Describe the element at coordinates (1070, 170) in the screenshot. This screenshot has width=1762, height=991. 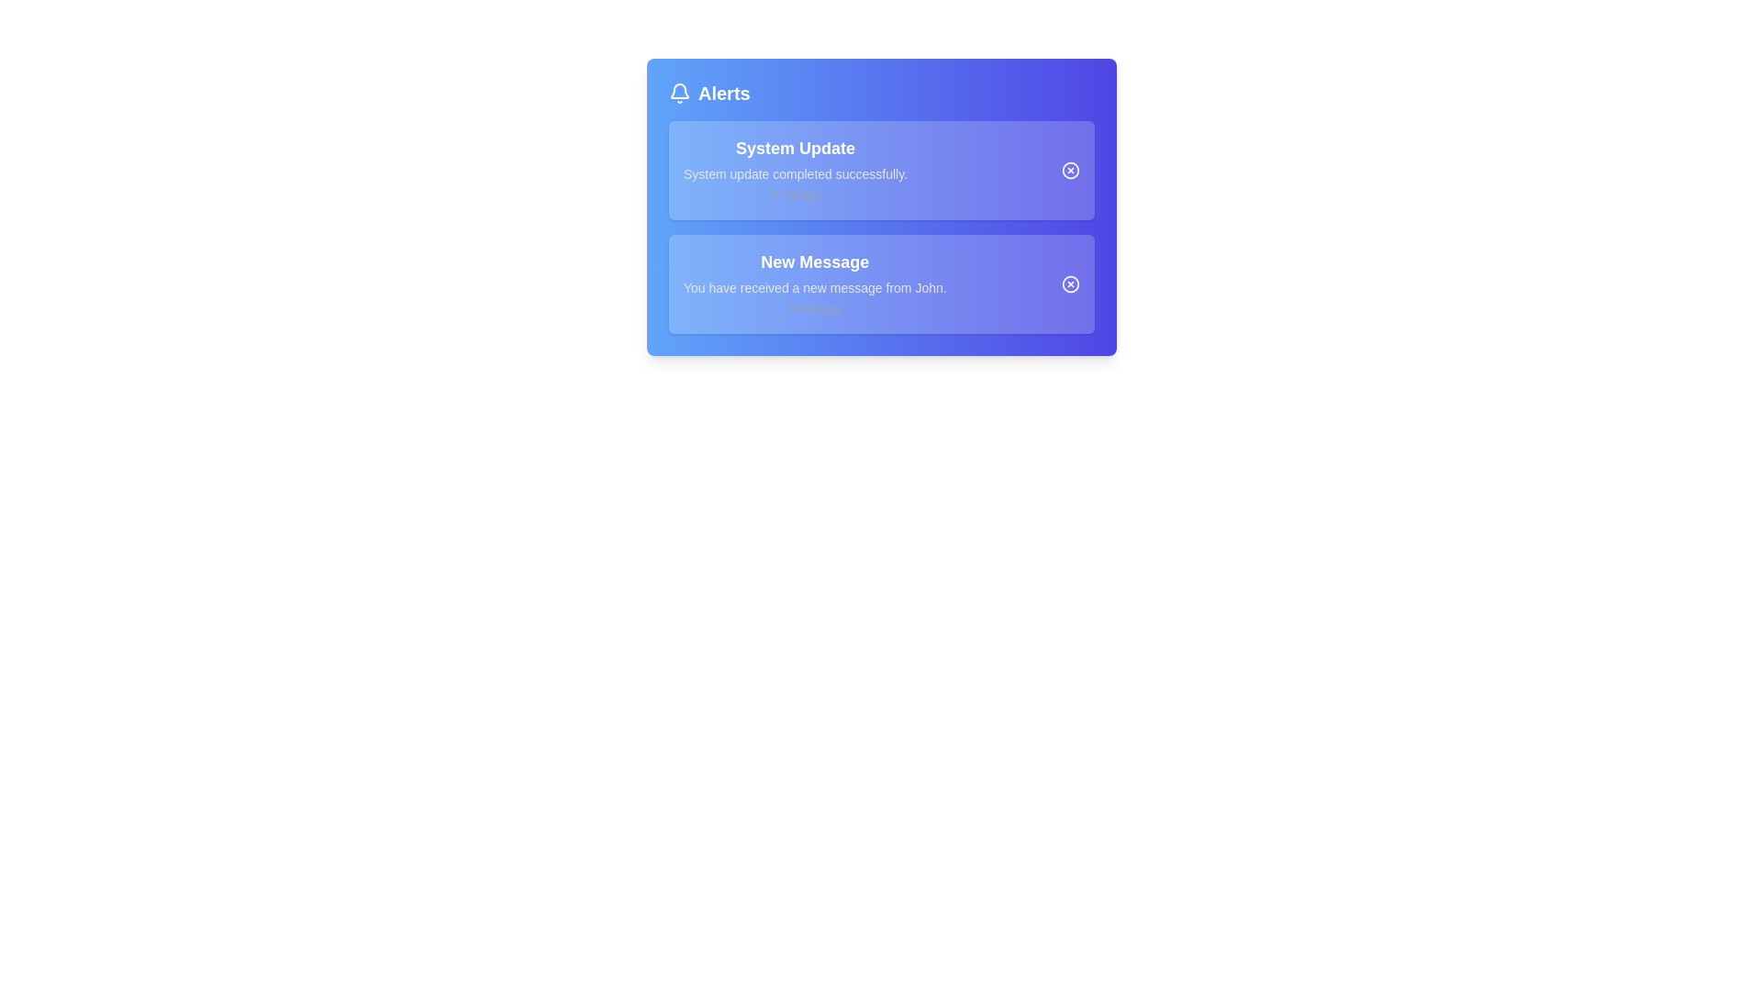
I see `the circular cancel button element with a bold border, located at the right side of the 'System Update' notification` at that location.